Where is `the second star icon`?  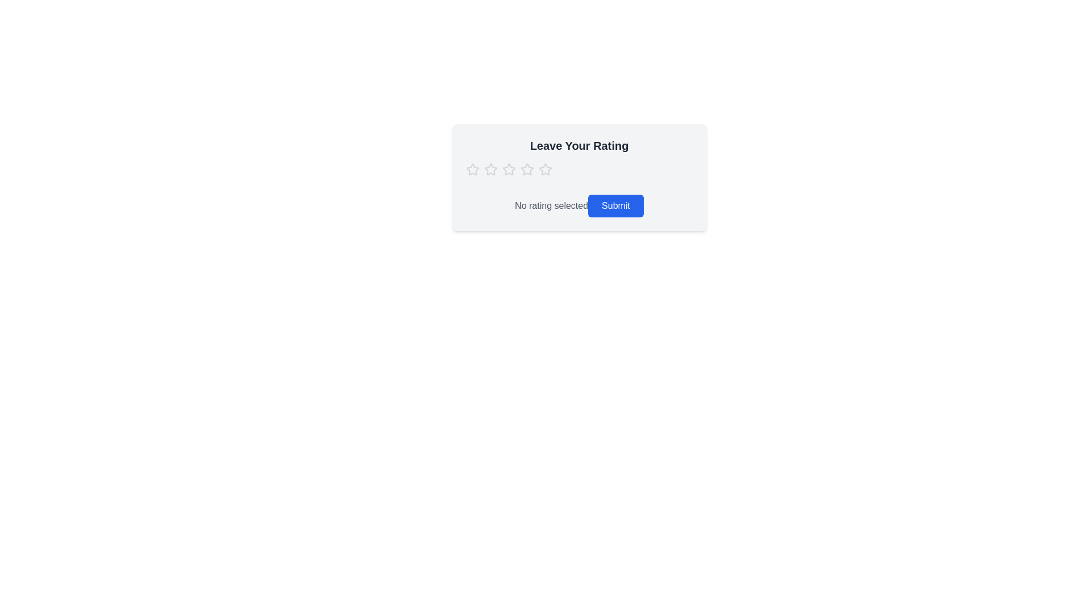 the second star icon is located at coordinates (508, 169).